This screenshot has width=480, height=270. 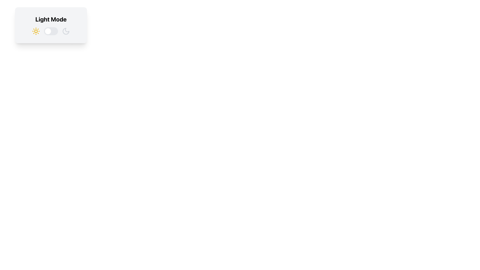 What do you see at coordinates (66, 31) in the screenshot?
I see `the crescent moon icon, which is located to the right of the toggle switch and beneath the 'Light Mode' title` at bounding box center [66, 31].